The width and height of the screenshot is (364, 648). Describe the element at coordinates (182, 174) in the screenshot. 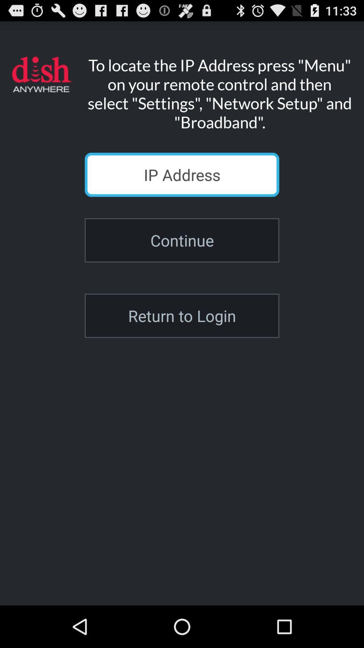

I see `icon above the continue icon` at that location.